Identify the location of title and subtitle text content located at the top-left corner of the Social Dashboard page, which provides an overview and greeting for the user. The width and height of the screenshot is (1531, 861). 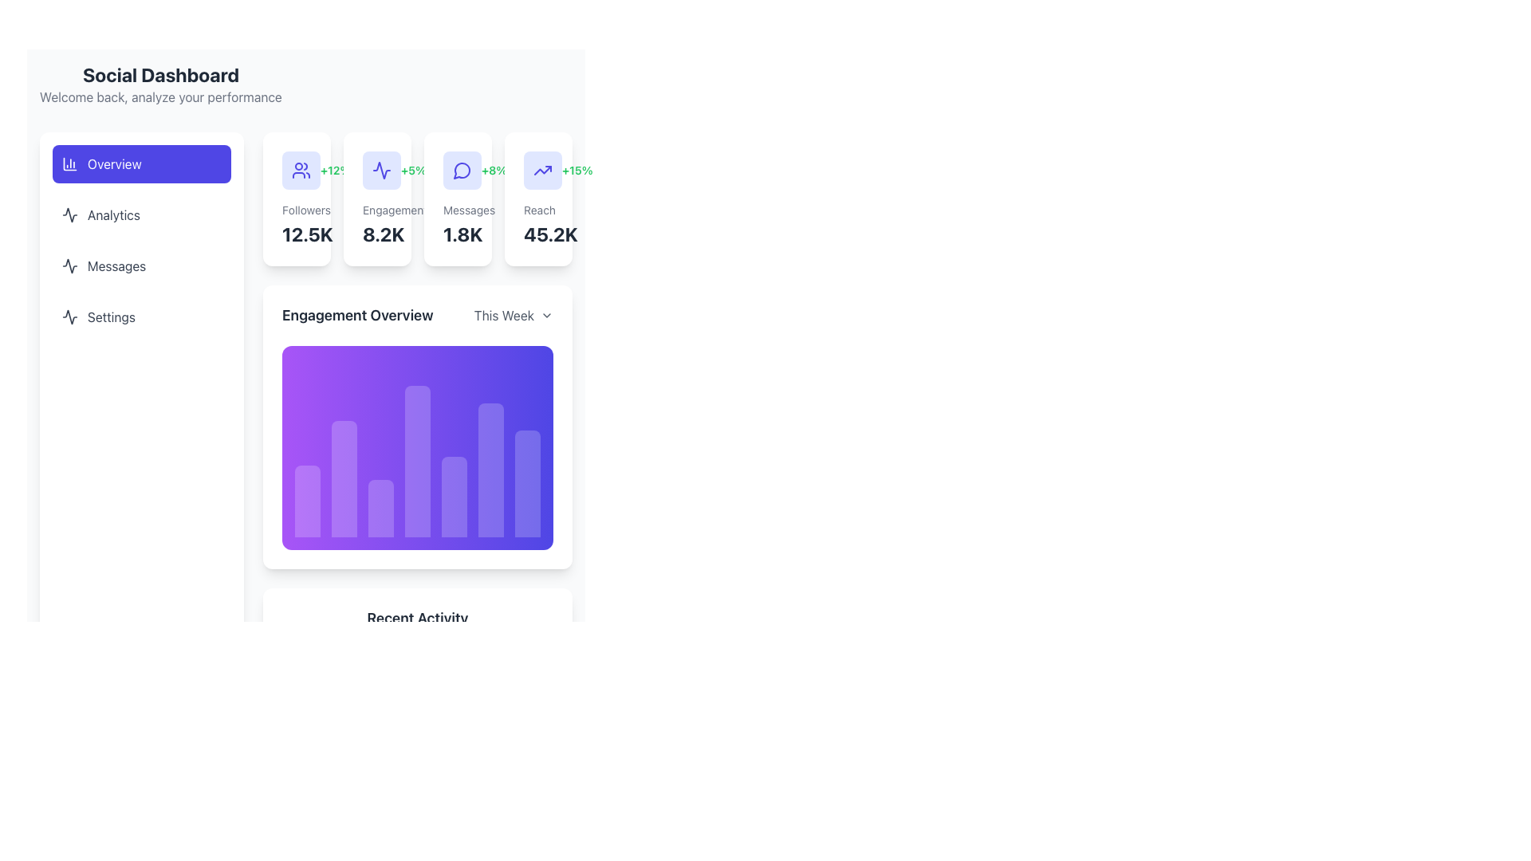
(160, 84).